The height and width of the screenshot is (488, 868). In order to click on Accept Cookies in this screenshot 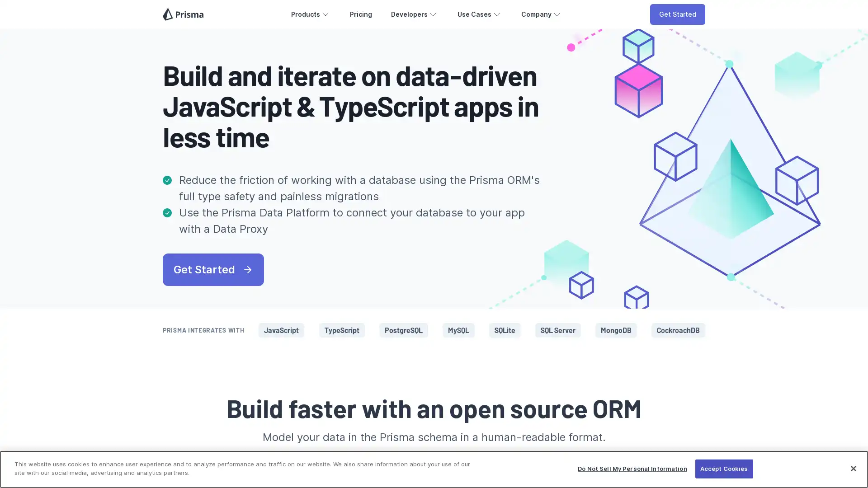, I will do `click(724, 468)`.